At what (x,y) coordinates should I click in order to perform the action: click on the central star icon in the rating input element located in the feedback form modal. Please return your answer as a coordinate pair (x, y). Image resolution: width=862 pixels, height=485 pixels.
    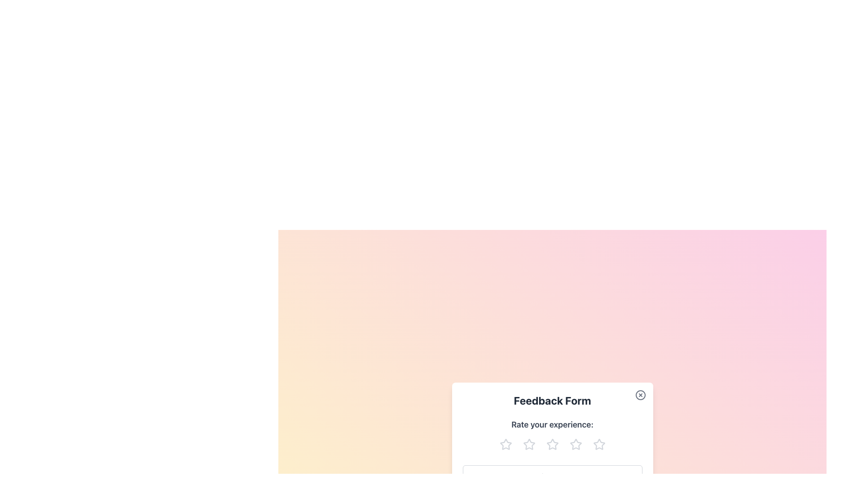
    Looking at the image, I should click on (552, 445).